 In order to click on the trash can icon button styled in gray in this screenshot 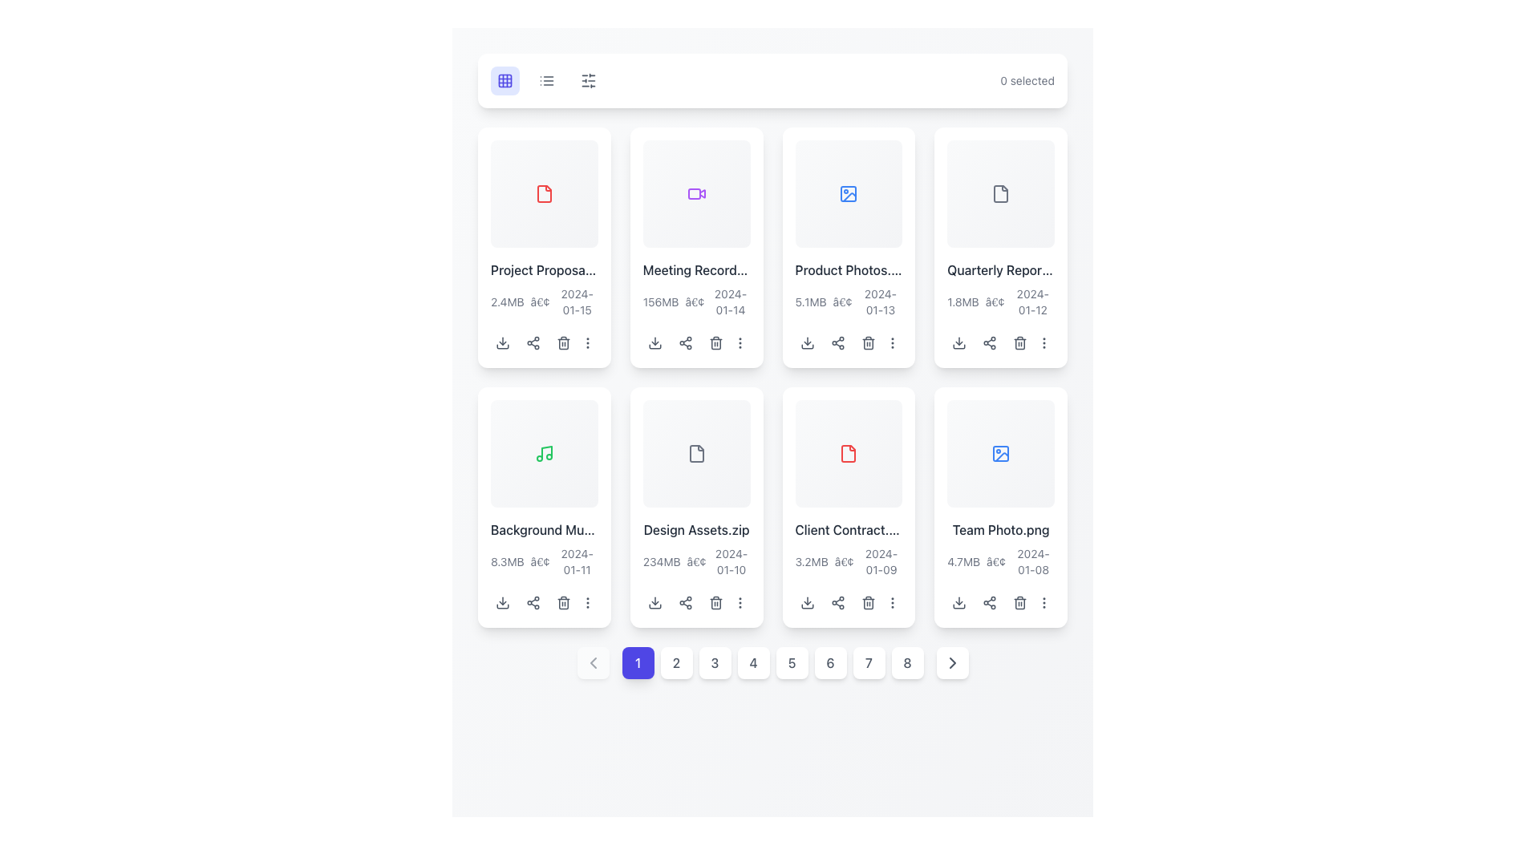, I will do `click(867, 342)`.